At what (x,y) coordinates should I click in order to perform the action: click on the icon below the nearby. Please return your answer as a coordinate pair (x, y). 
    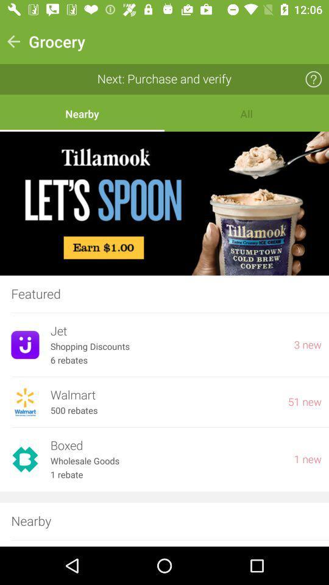
    Looking at the image, I should click on (164, 204).